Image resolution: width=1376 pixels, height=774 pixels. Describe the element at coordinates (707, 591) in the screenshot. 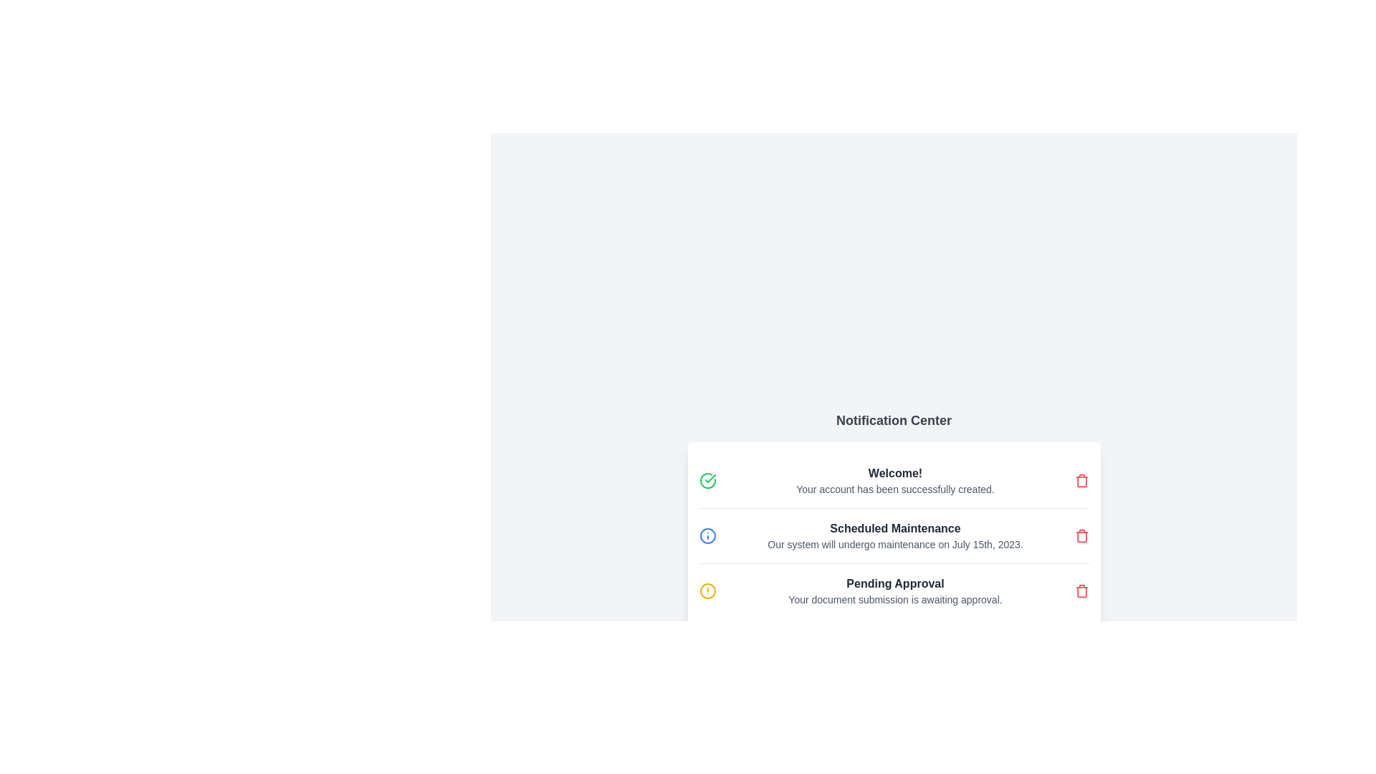

I see `the alert icon located in the third notification row of the Notification Center, which indicates that a document submission is pending approval, to potentially observe a tooltip` at that location.